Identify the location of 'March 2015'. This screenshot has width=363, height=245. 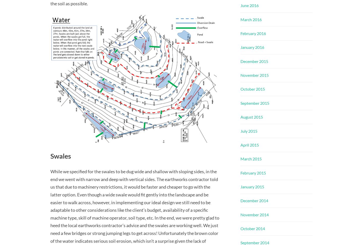
(251, 158).